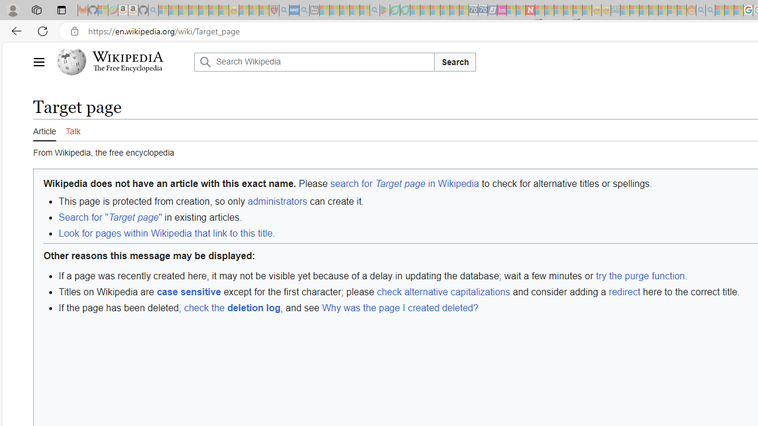 This screenshot has width=758, height=426. I want to click on 'Talk', so click(72, 130).